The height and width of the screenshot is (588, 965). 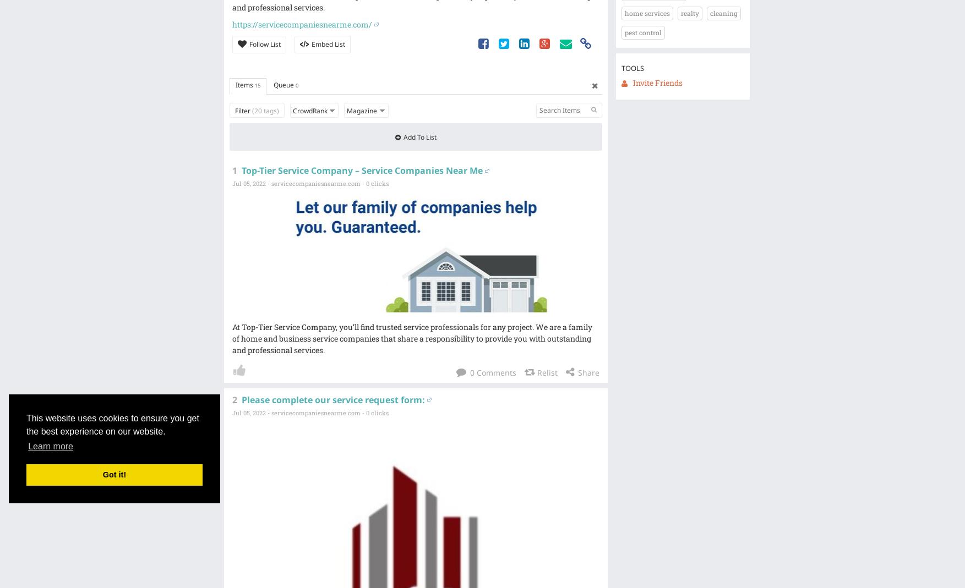 What do you see at coordinates (233, 398) in the screenshot?
I see `'2'` at bounding box center [233, 398].